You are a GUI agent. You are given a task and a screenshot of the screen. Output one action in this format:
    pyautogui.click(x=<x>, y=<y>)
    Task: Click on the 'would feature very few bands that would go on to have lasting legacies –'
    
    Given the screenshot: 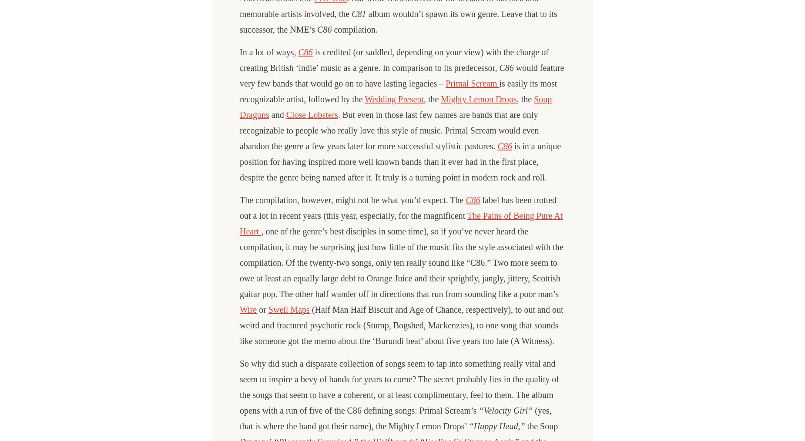 What is the action you would take?
    pyautogui.click(x=402, y=75)
    